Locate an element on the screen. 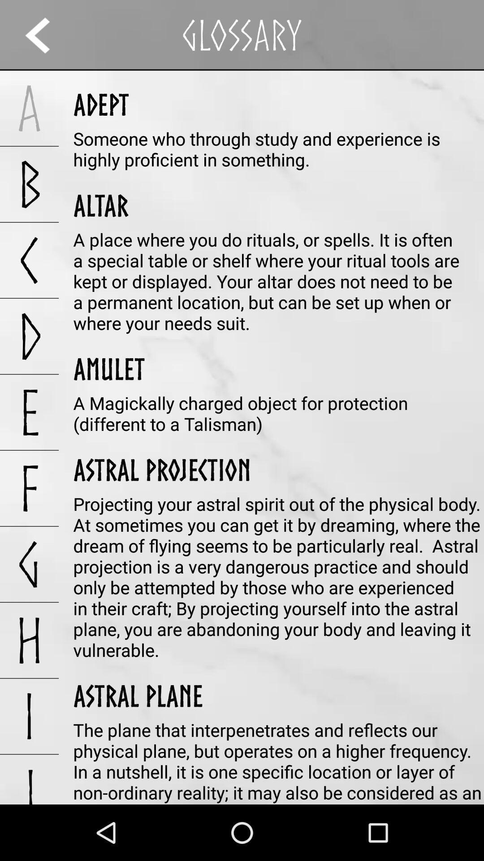 The width and height of the screenshot is (484, 861). the someone who through item is located at coordinates (278, 149).